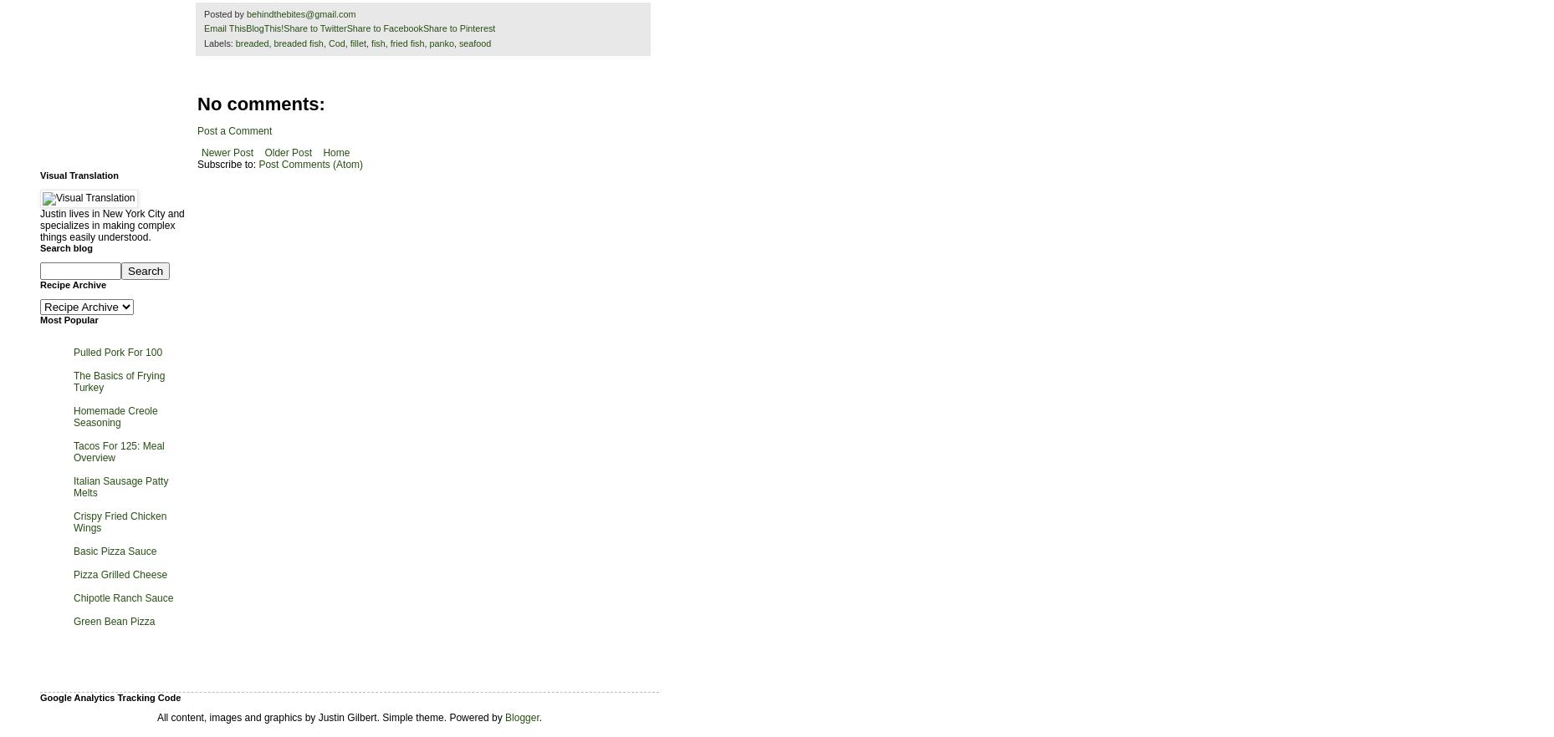  Describe the element at coordinates (251, 41) in the screenshot. I see `'breaded'` at that location.